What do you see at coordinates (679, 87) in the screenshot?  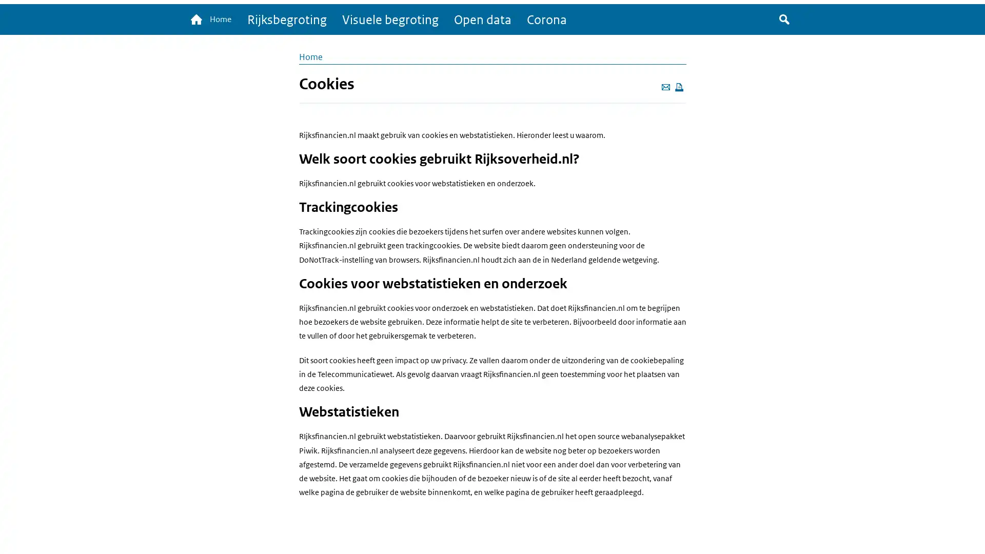 I see `Deze pagina afdrukken` at bounding box center [679, 87].